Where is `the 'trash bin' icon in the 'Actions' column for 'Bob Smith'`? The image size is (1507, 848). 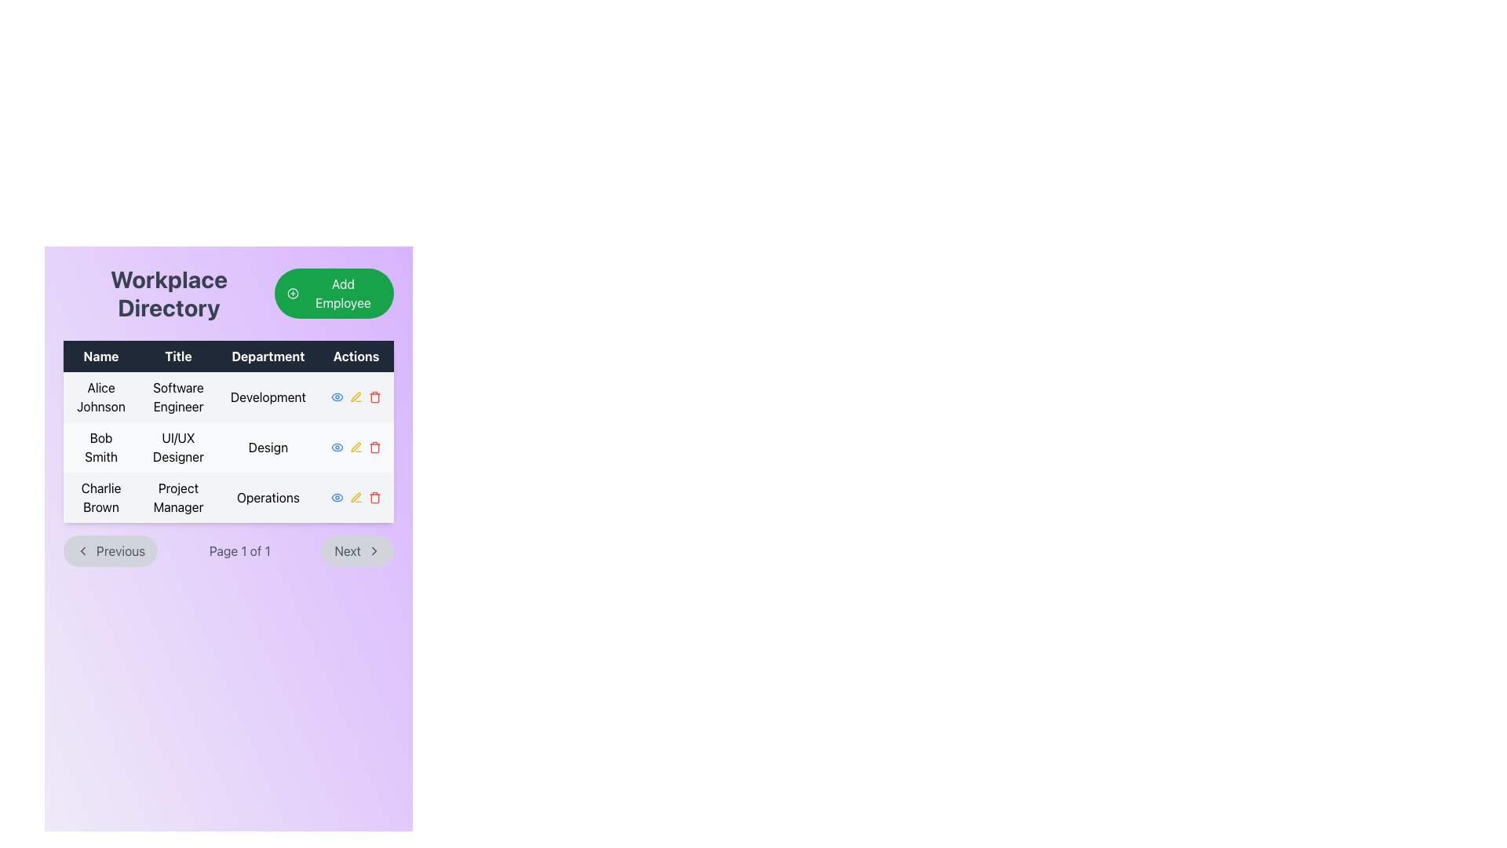 the 'trash bin' icon in the 'Actions' column for 'Bob Smith' is located at coordinates (374, 448).